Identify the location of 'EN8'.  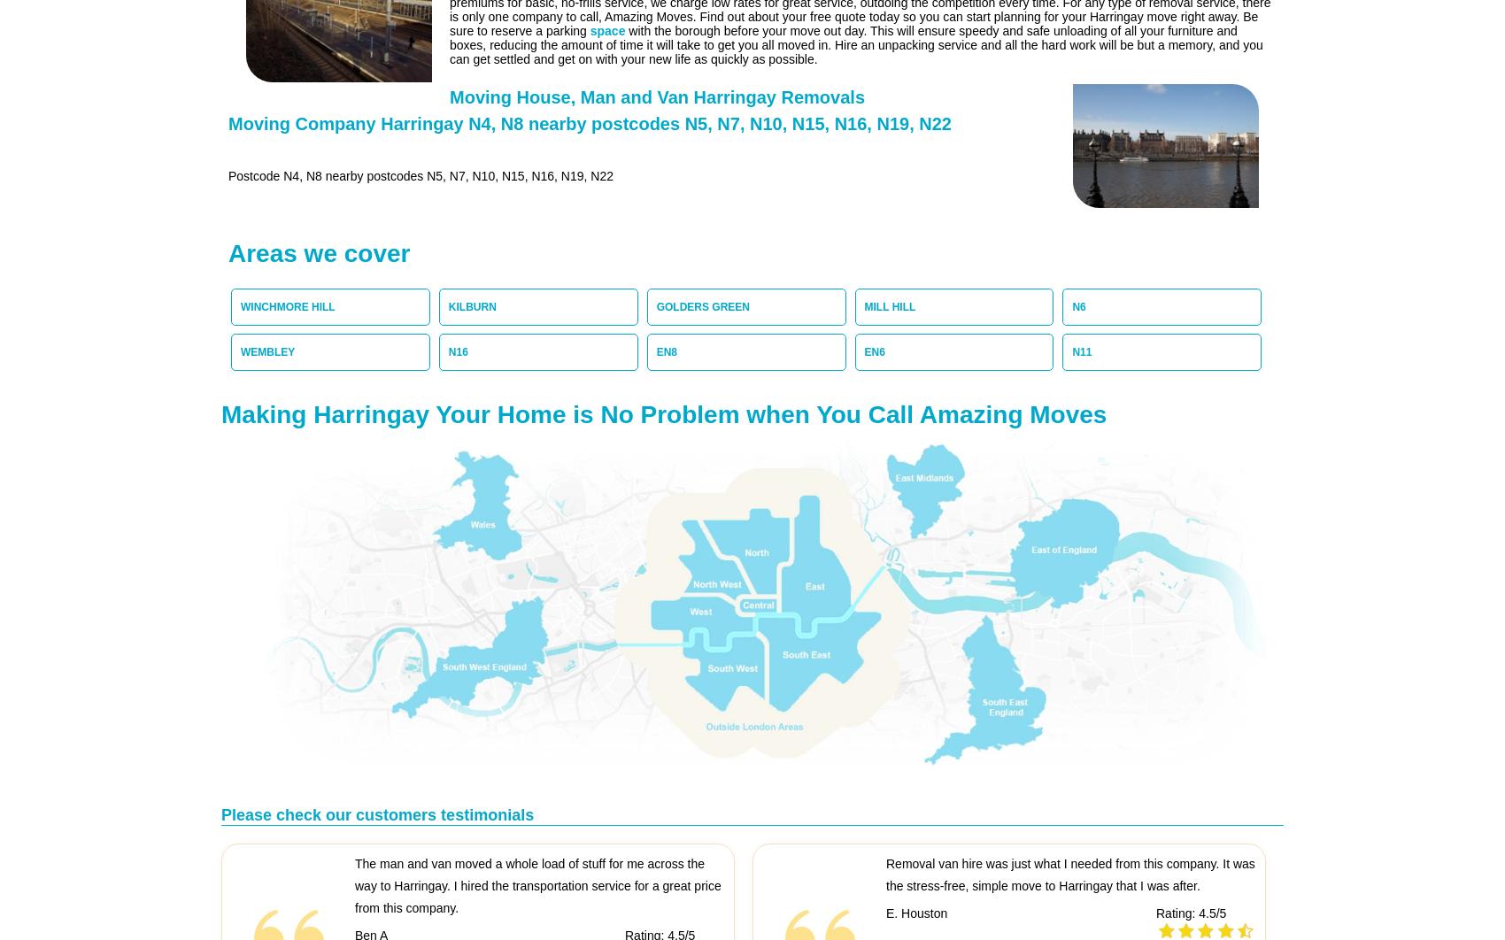
(665, 351).